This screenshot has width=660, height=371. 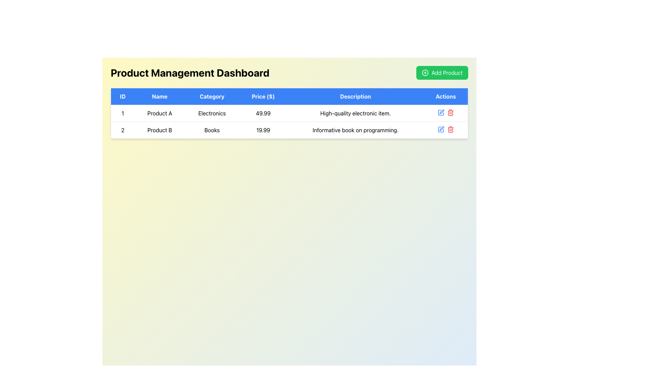 I want to click on the blue rectangular header cell labeled 'Name', which is the second column header in the table, positioned centrally at the top of the page, so click(x=159, y=97).